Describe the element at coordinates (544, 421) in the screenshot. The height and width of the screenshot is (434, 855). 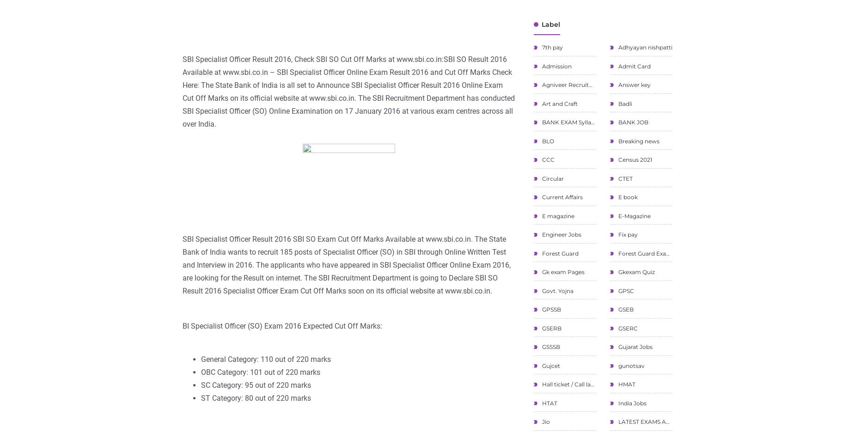
I see `'Jio'` at that location.